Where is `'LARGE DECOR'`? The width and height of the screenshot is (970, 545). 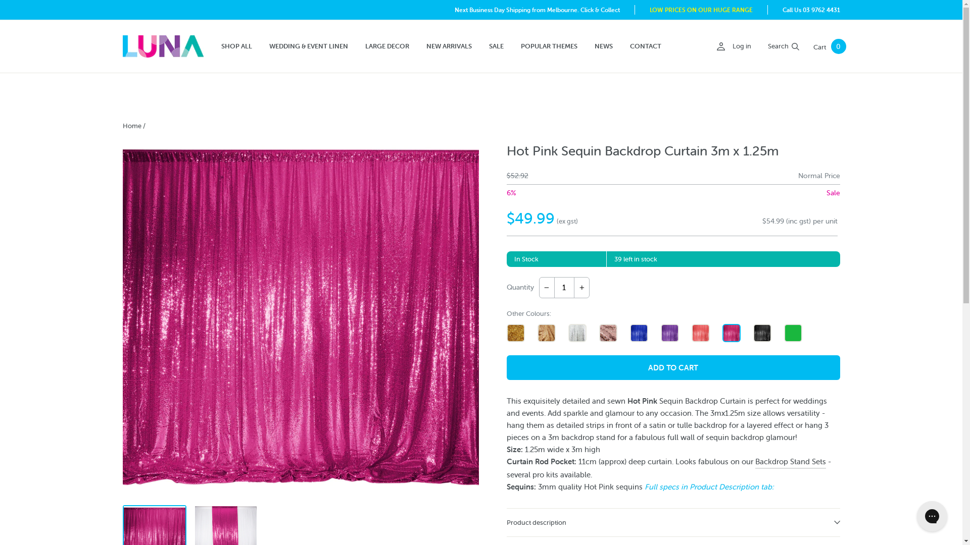 'LARGE DECOR' is located at coordinates (386, 46).